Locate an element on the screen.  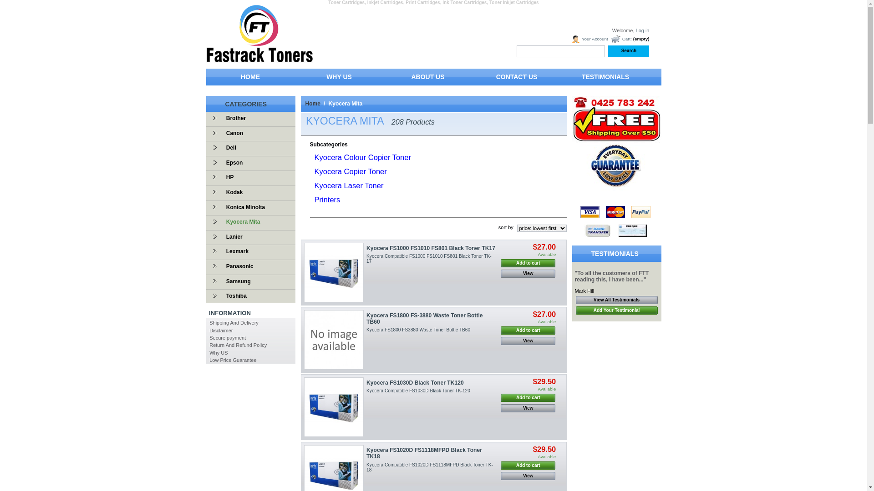
'CONTACT US' is located at coordinates (472, 78).